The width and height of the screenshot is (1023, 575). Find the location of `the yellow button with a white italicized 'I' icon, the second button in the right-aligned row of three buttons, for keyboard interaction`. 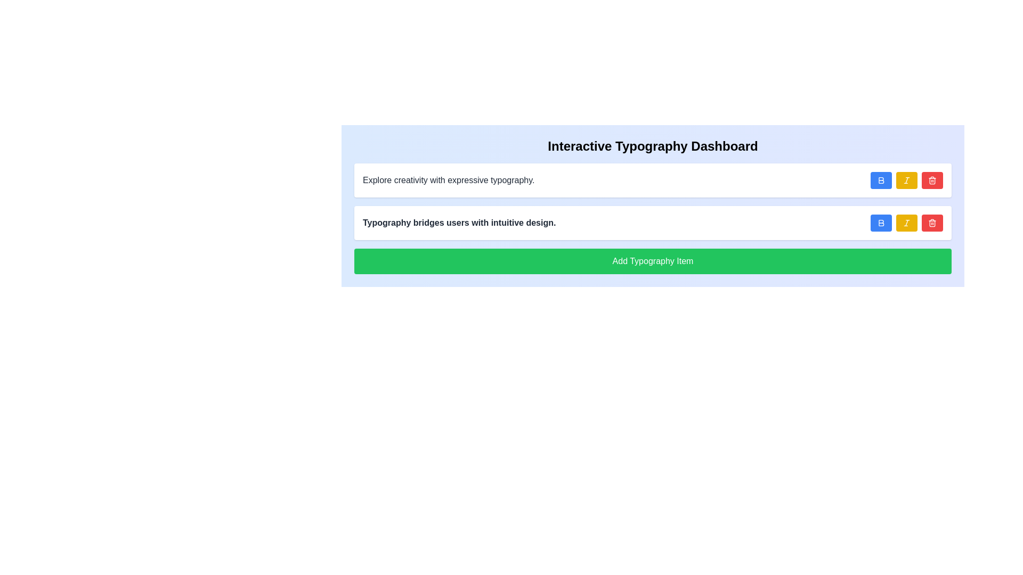

the yellow button with a white italicized 'I' icon, the second button in the right-aligned row of three buttons, for keyboard interaction is located at coordinates (906, 180).